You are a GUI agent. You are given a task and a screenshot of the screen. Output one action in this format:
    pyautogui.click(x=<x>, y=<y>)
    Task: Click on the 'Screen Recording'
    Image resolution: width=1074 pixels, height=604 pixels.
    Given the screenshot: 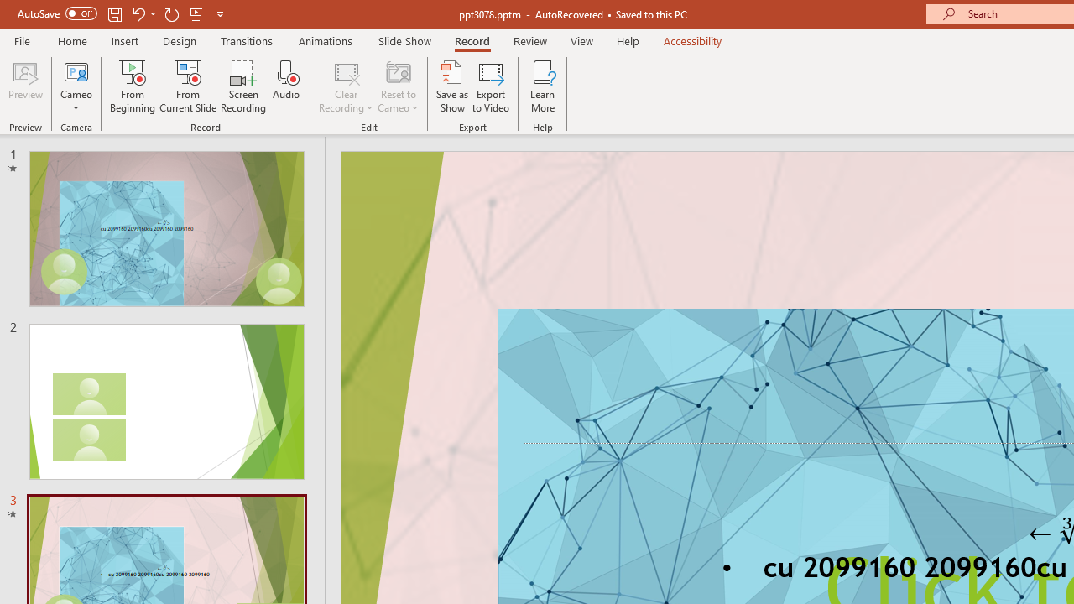 What is the action you would take?
    pyautogui.click(x=242, y=86)
    